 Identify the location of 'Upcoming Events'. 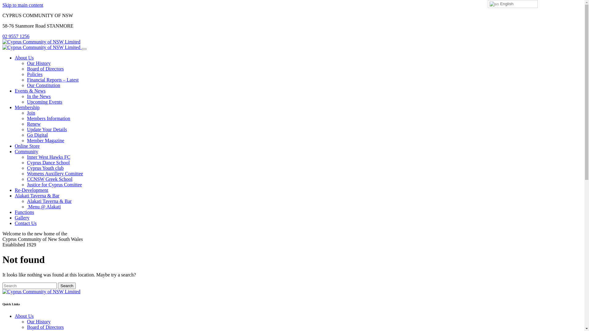
(44, 101).